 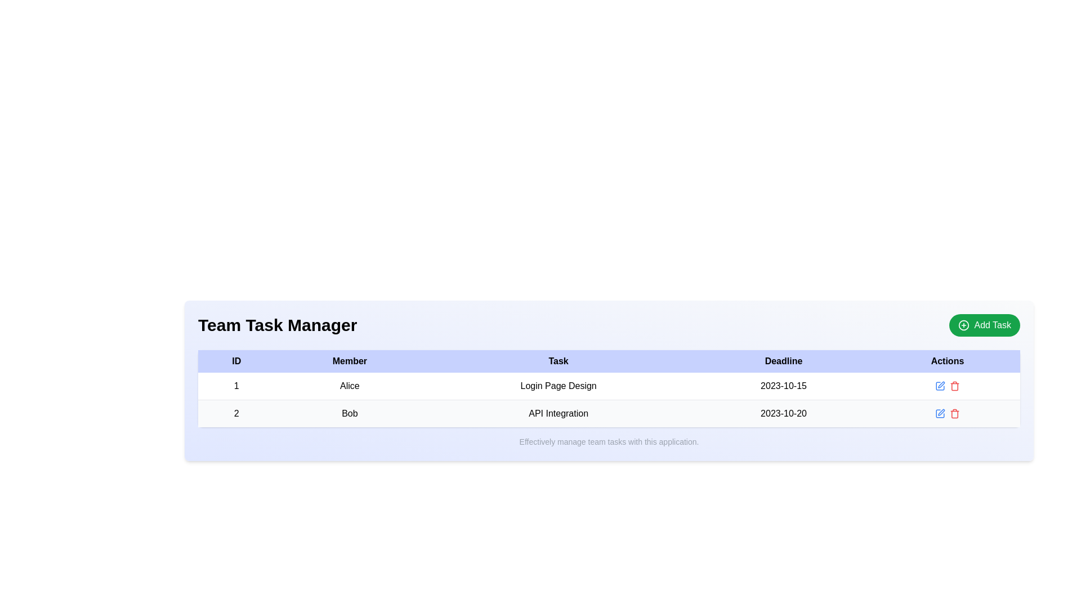 I want to click on the static text display representing the deadline date for the task entry in the second row of the 'Deadline' column in the 'Team Task Manager' table, so click(x=783, y=413).